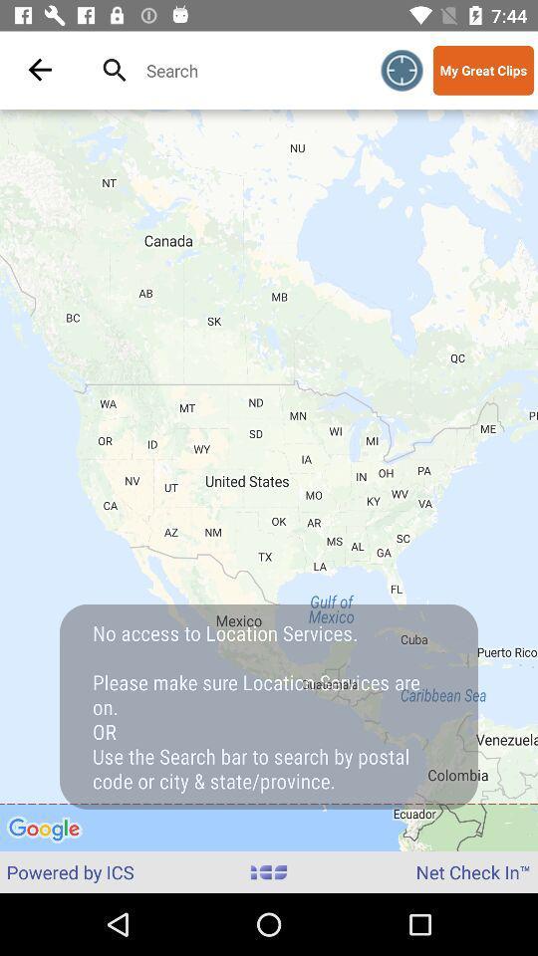 This screenshot has width=538, height=956. Describe the element at coordinates (402, 70) in the screenshot. I see `the icon next to my great clips item` at that location.